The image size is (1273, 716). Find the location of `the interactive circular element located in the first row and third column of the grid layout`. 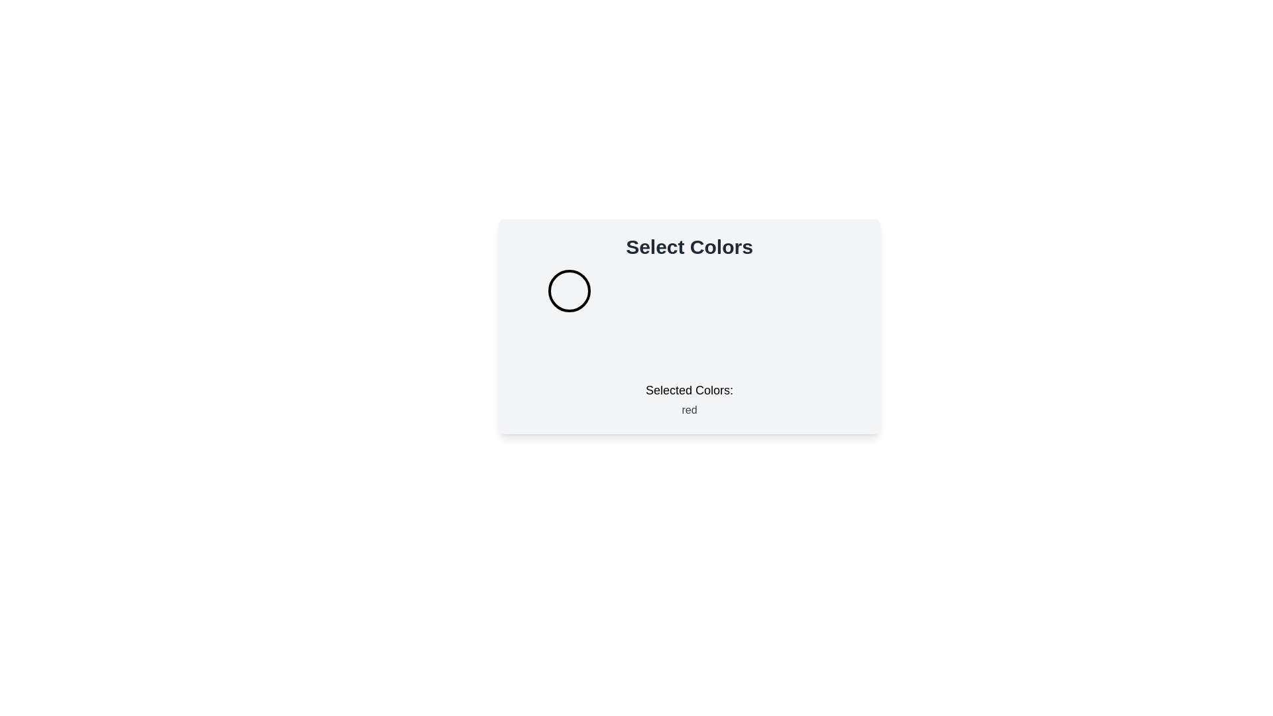

the interactive circular element located in the first row and third column of the grid layout is located at coordinates (809, 290).